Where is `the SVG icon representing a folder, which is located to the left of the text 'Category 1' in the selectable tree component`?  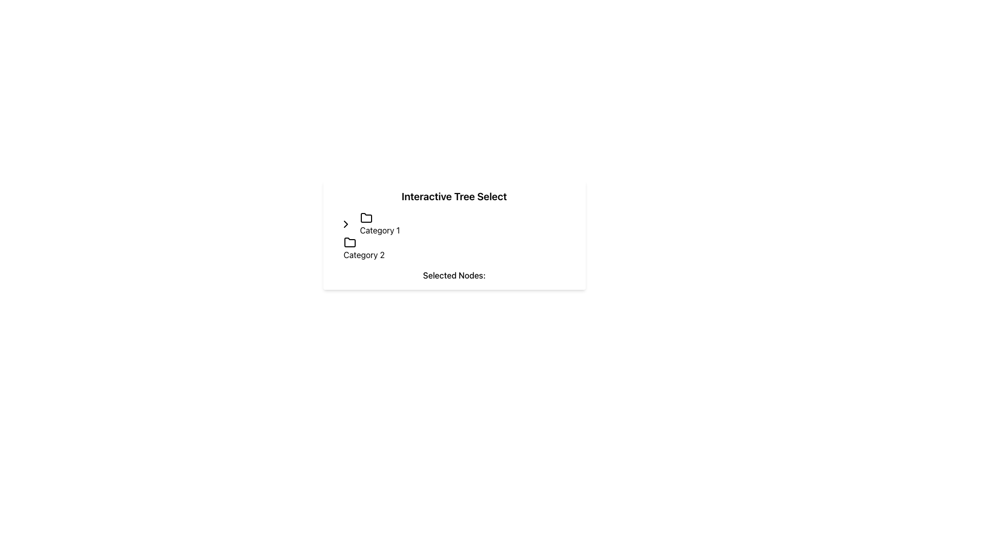 the SVG icon representing a folder, which is located to the left of the text 'Category 1' in the selectable tree component is located at coordinates (366, 217).